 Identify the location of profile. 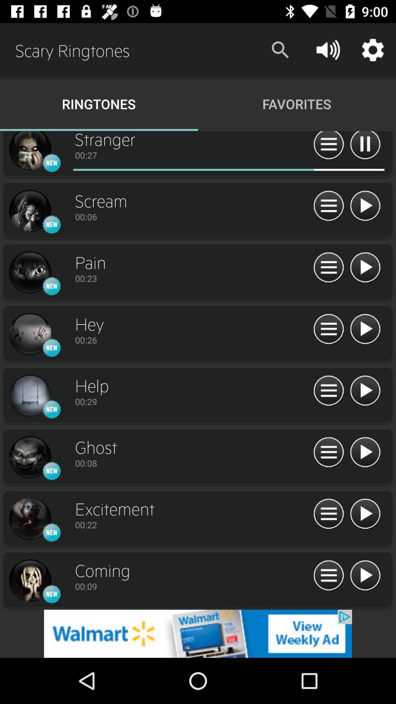
(29, 272).